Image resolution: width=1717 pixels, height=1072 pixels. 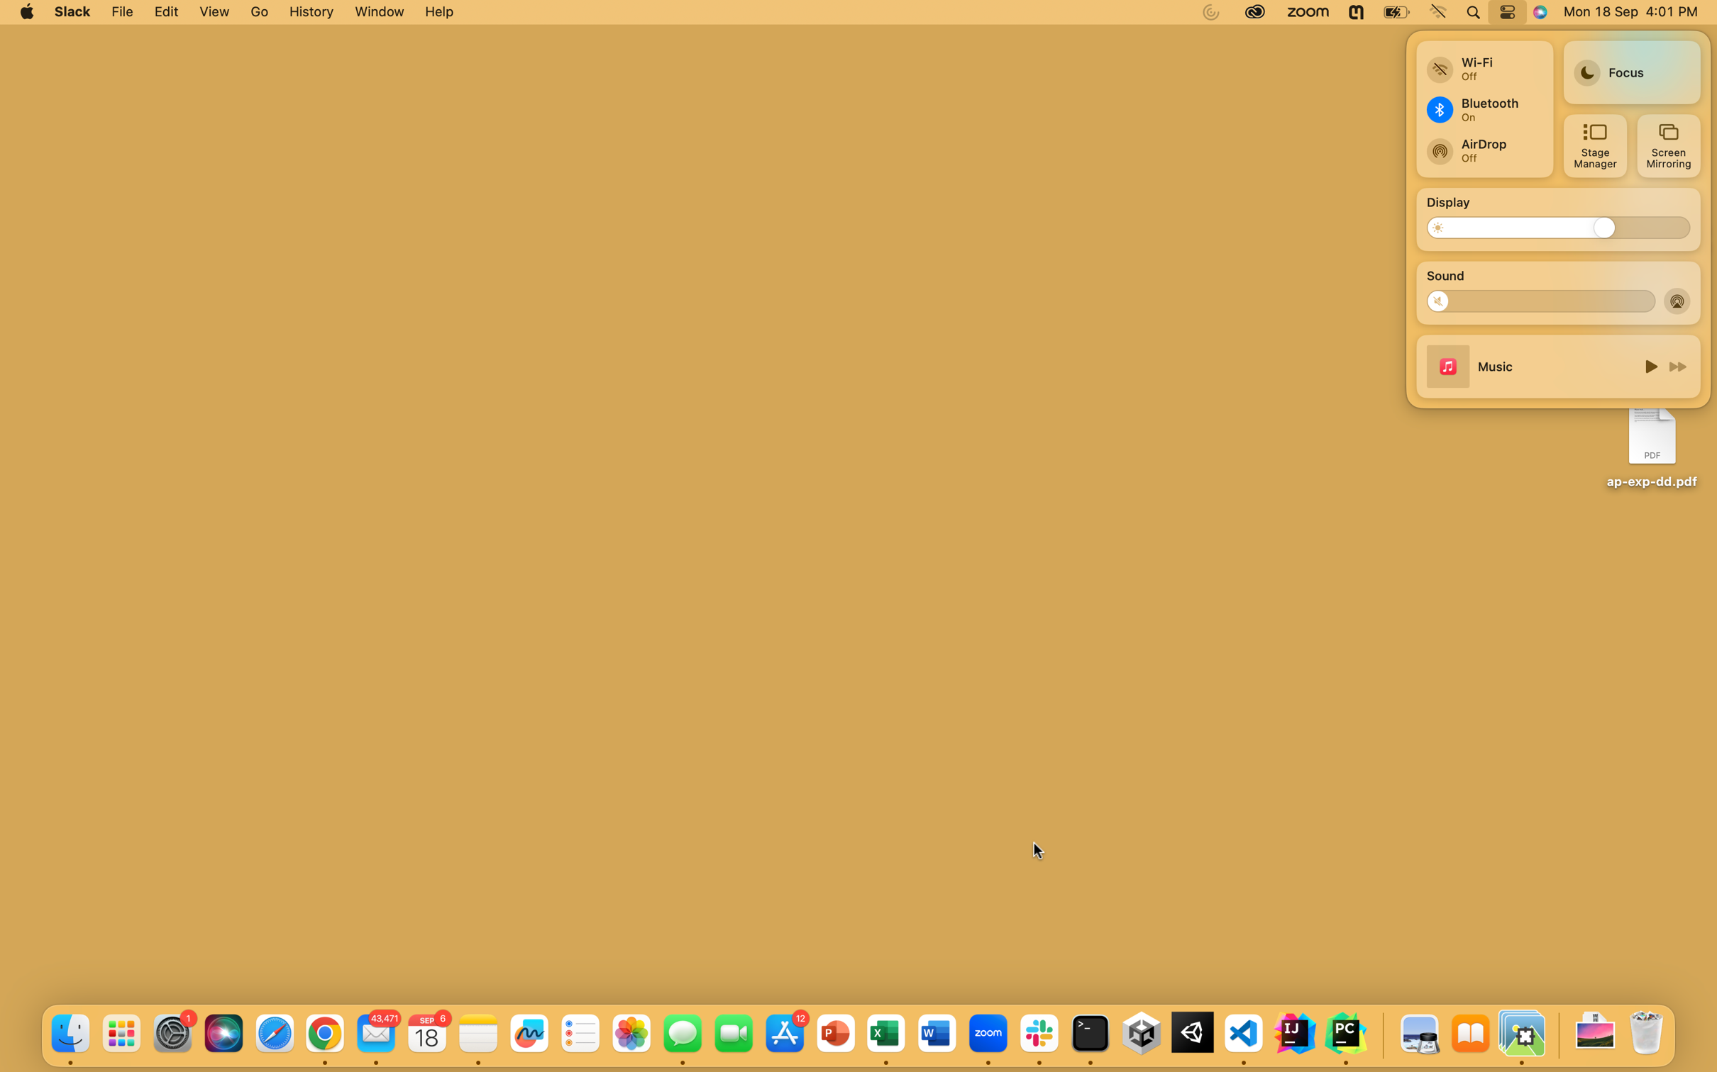 I want to click on Disconnect from a wifi network, so click(x=1483, y=63).